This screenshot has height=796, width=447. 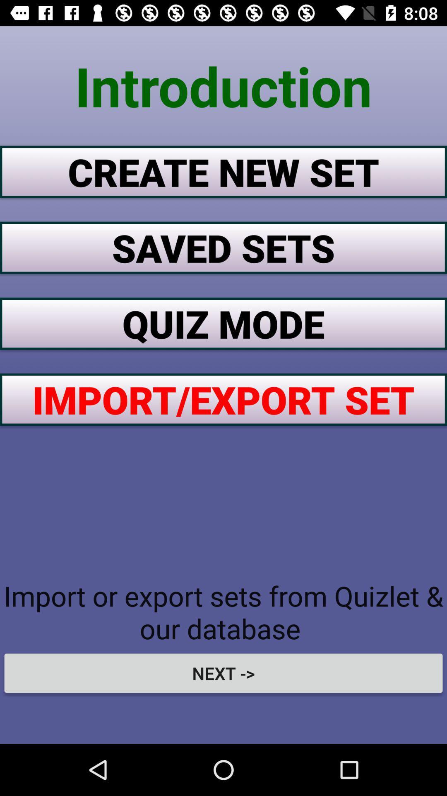 I want to click on item below create new set icon, so click(x=223, y=247).